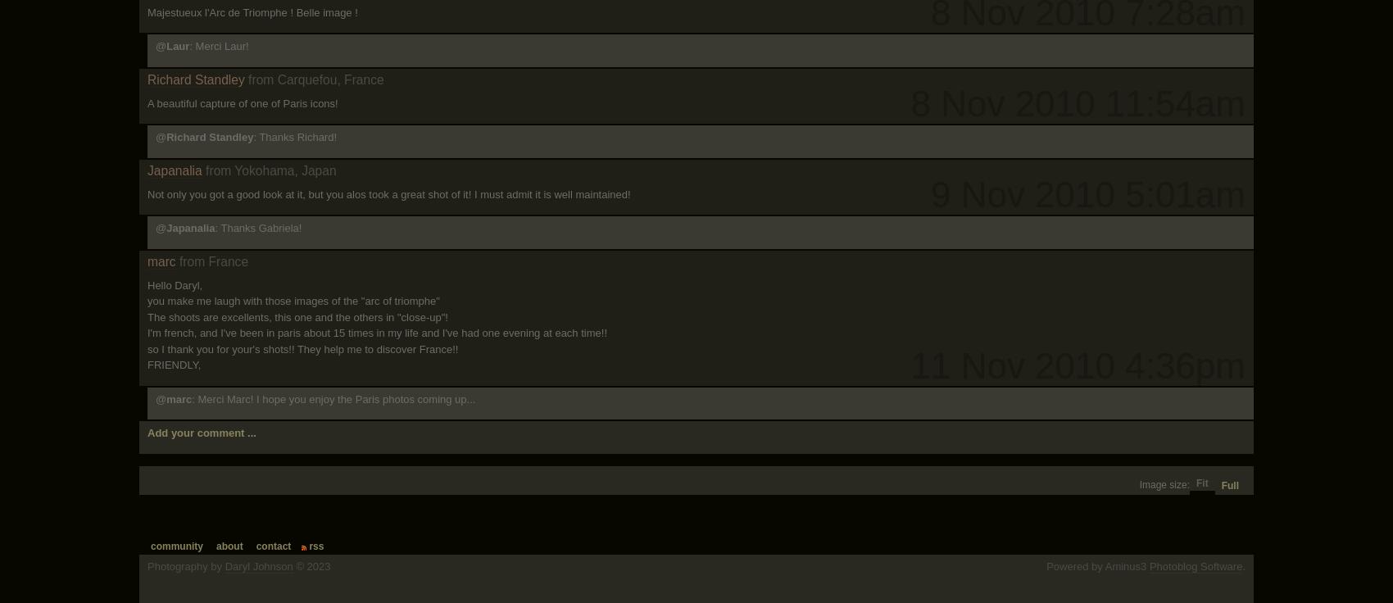 Image resolution: width=1393 pixels, height=603 pixels. I want to click on '9 Nov 2010 5:01am', so click(1087, 194).